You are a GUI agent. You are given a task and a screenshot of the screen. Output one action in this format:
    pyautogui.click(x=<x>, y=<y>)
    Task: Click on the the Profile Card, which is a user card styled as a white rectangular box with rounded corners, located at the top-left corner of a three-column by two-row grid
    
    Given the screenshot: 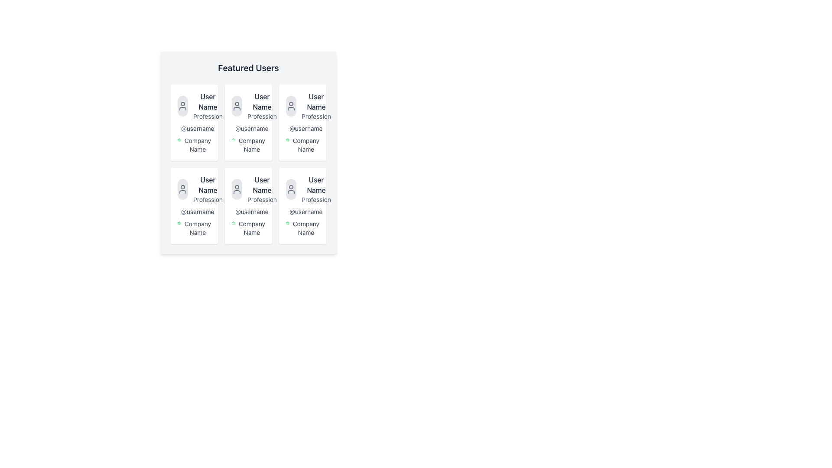 What is the action you would take?
    pyautogui.click(x=194, y=122)
    